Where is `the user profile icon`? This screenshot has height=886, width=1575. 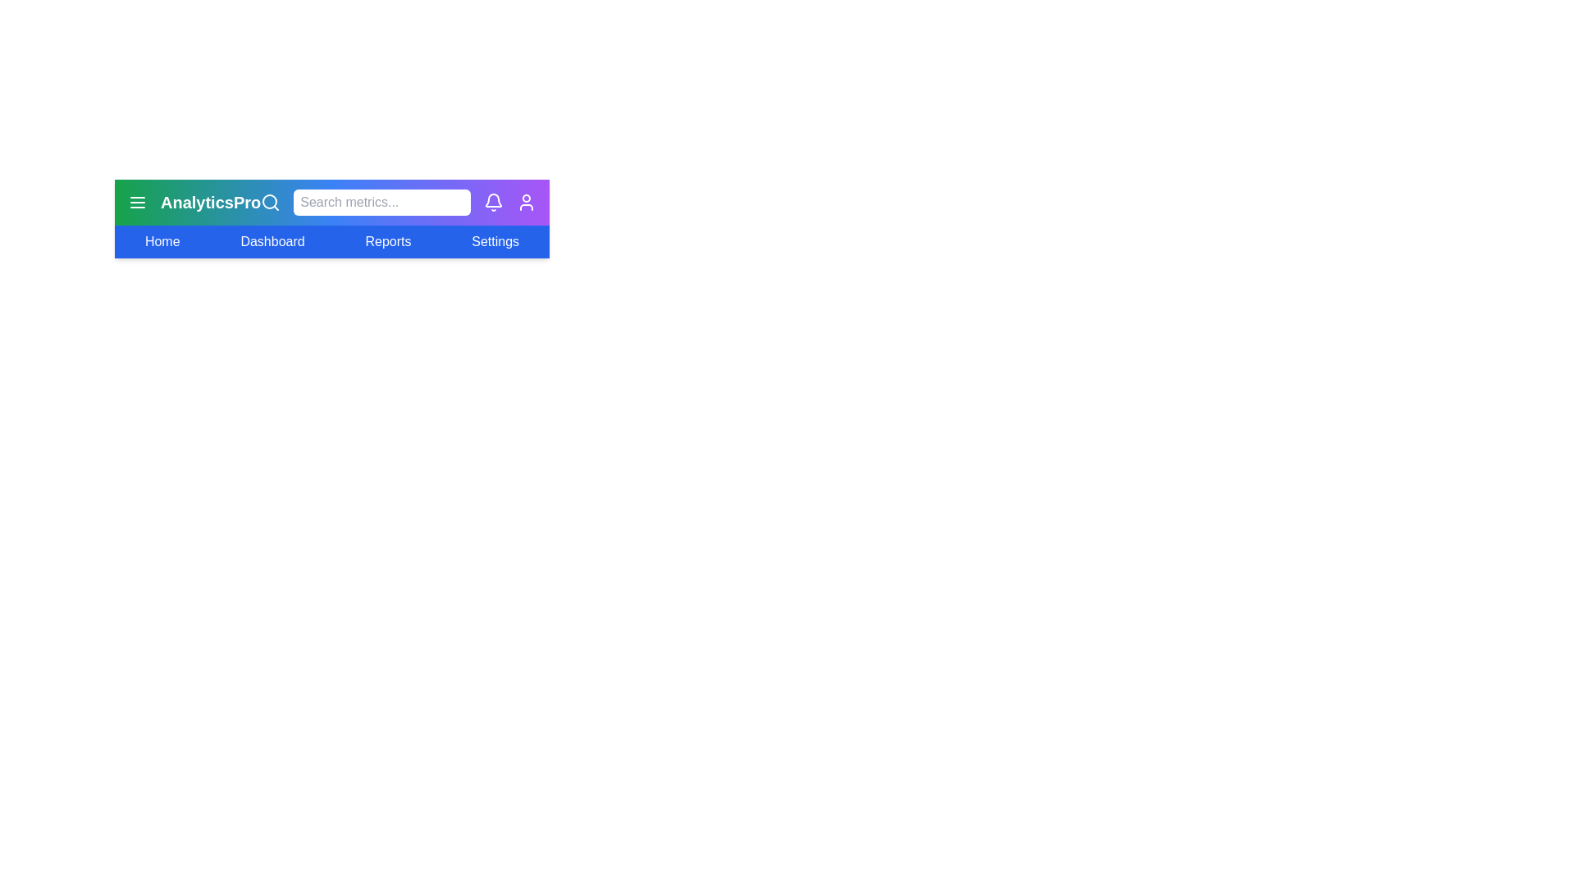 the user profile icon is located at coordinates (527, 201).